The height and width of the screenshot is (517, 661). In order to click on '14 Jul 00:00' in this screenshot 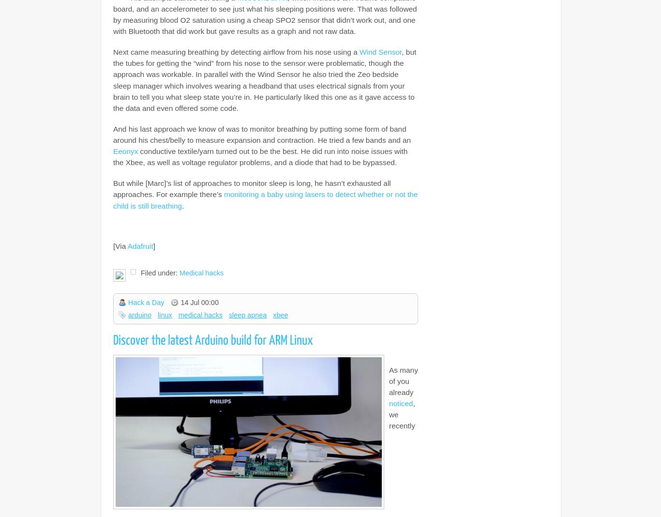, I will do `click(198, 302)`.